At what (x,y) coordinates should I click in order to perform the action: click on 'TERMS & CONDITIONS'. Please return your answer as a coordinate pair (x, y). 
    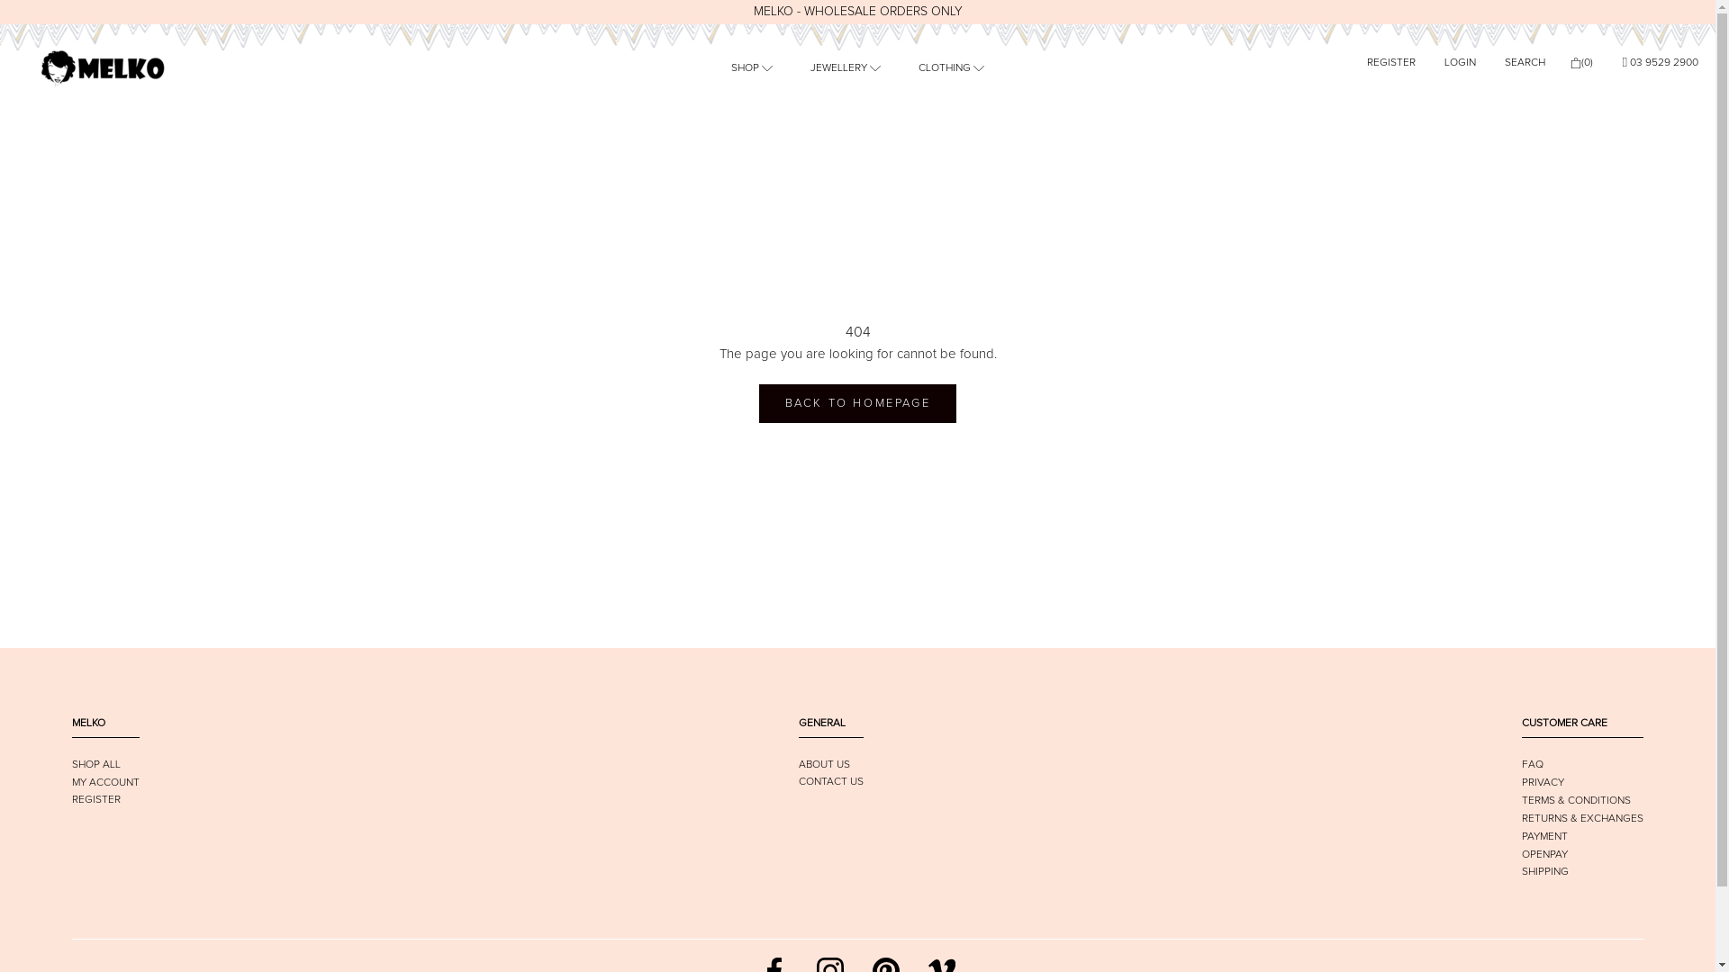
    Looking at the image, I should click on (1520, 800).